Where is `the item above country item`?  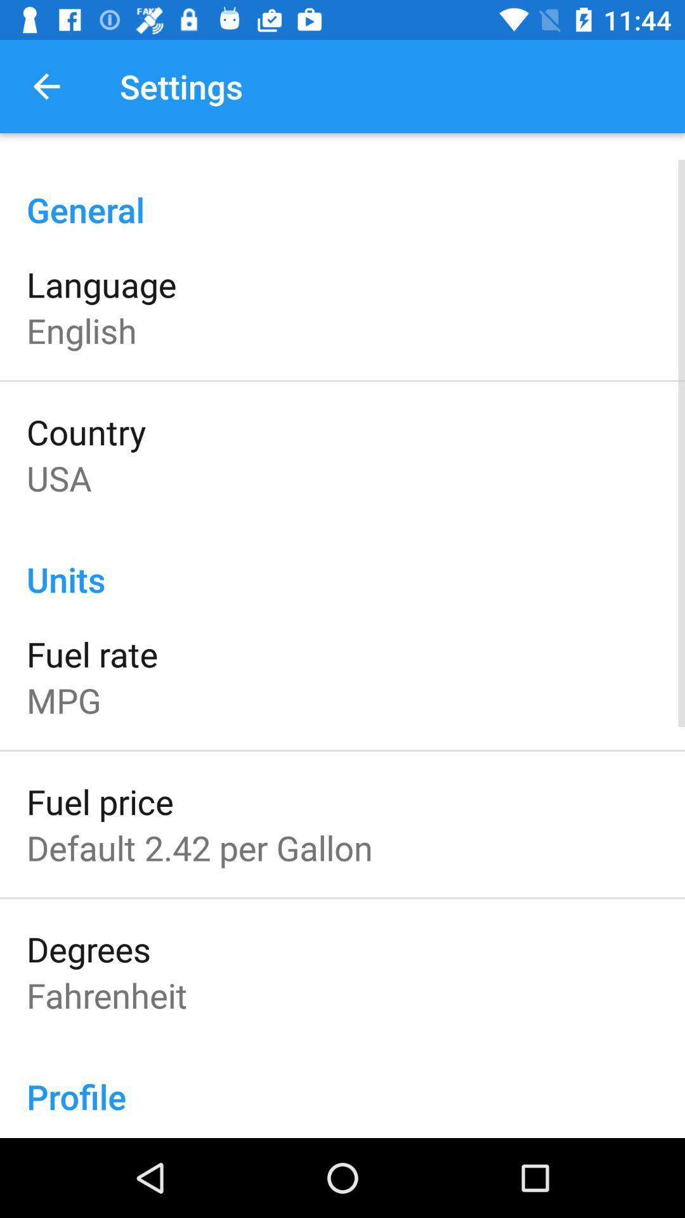 the item above country item is located at coordinates (81, 330).